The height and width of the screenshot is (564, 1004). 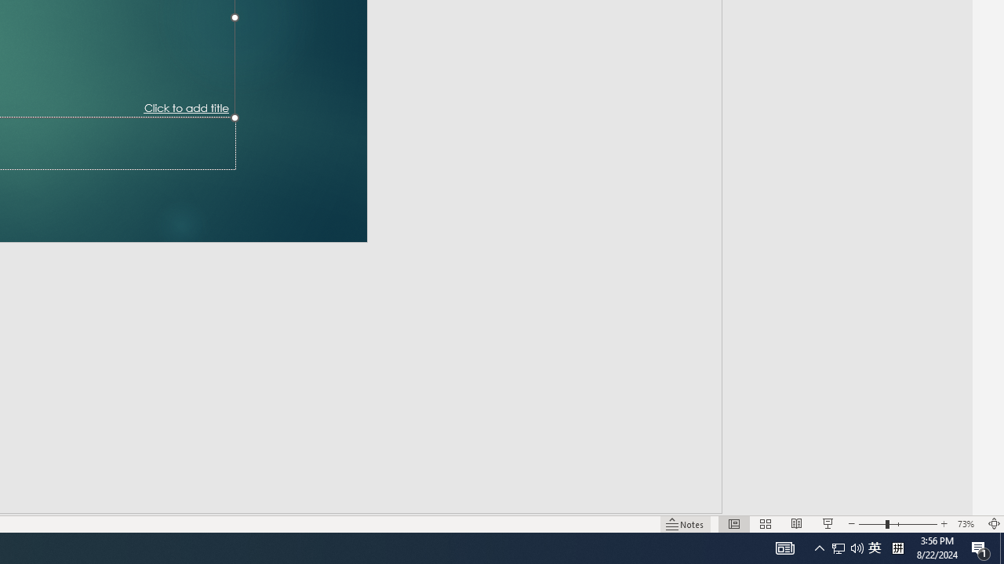 I want to click on 'Zoom 75%', so click(x=979, y=501).